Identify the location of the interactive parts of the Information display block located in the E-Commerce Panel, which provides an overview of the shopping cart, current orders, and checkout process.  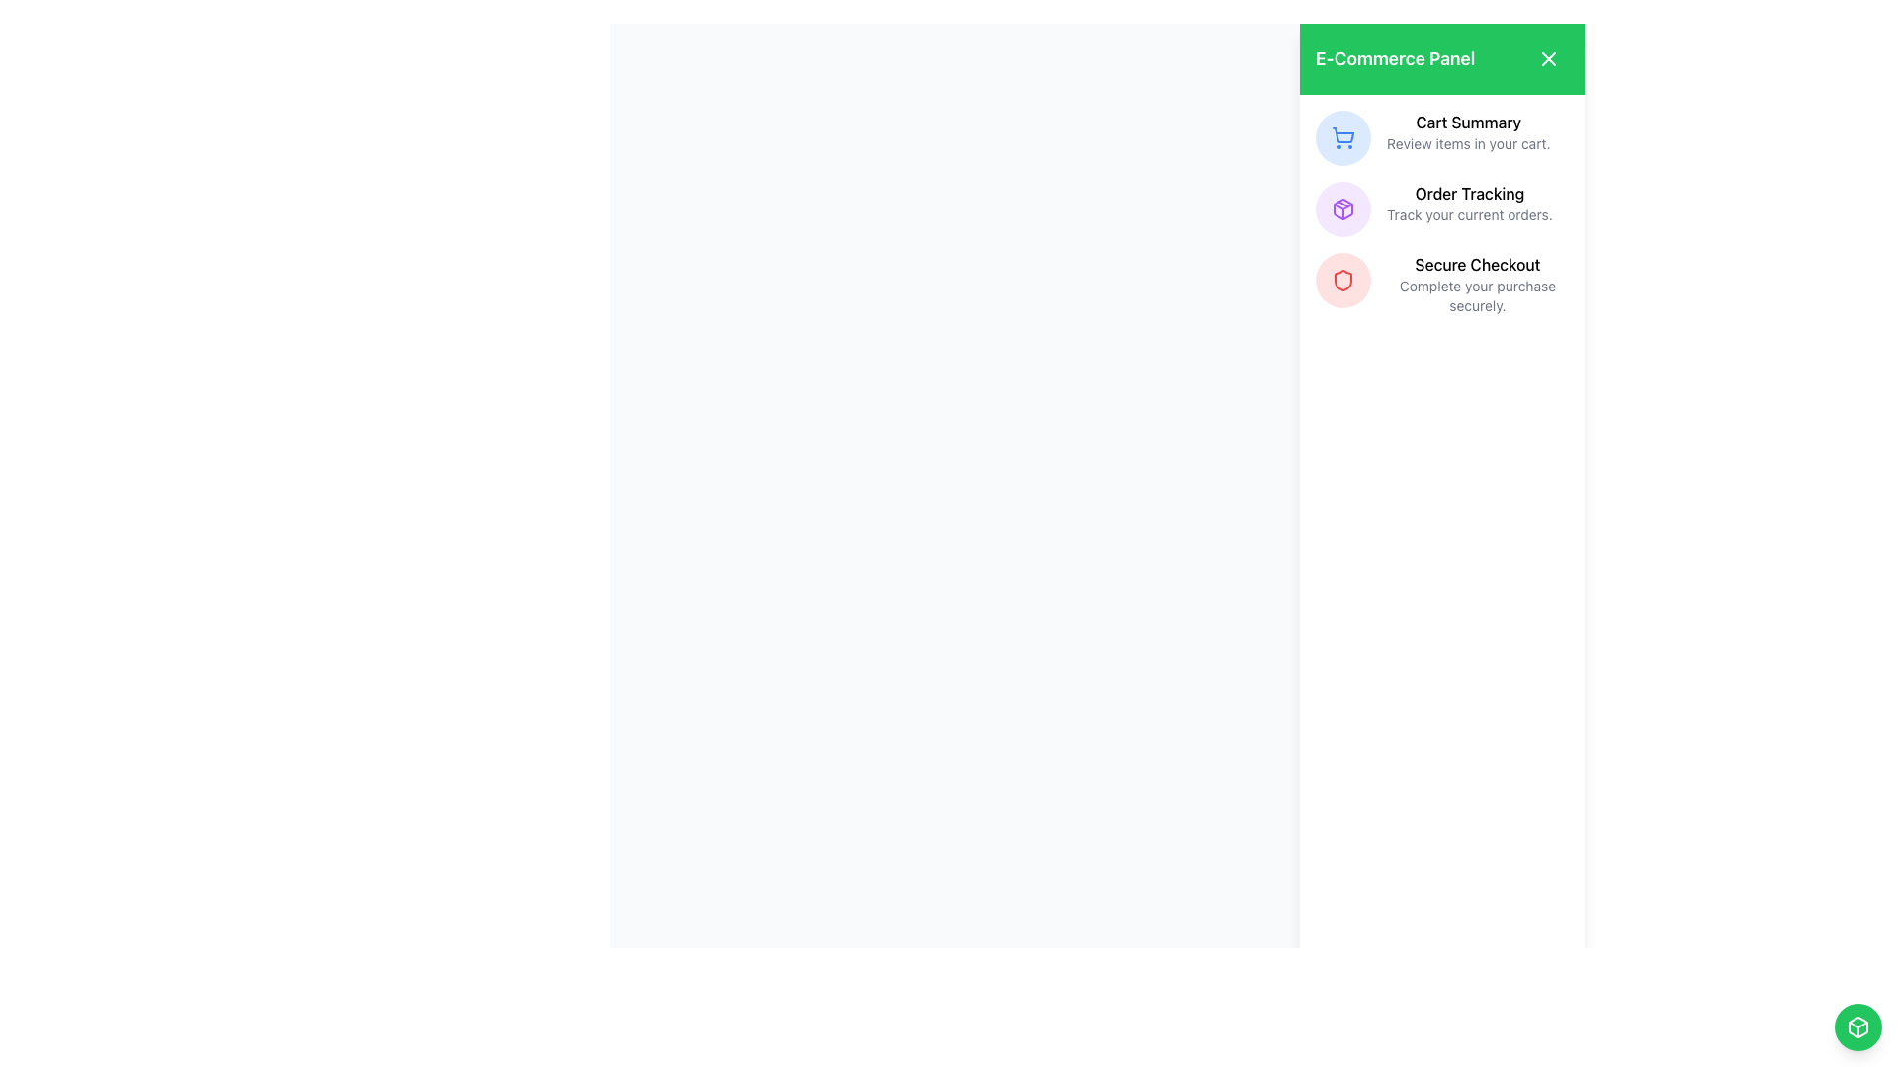
(1442, 213).